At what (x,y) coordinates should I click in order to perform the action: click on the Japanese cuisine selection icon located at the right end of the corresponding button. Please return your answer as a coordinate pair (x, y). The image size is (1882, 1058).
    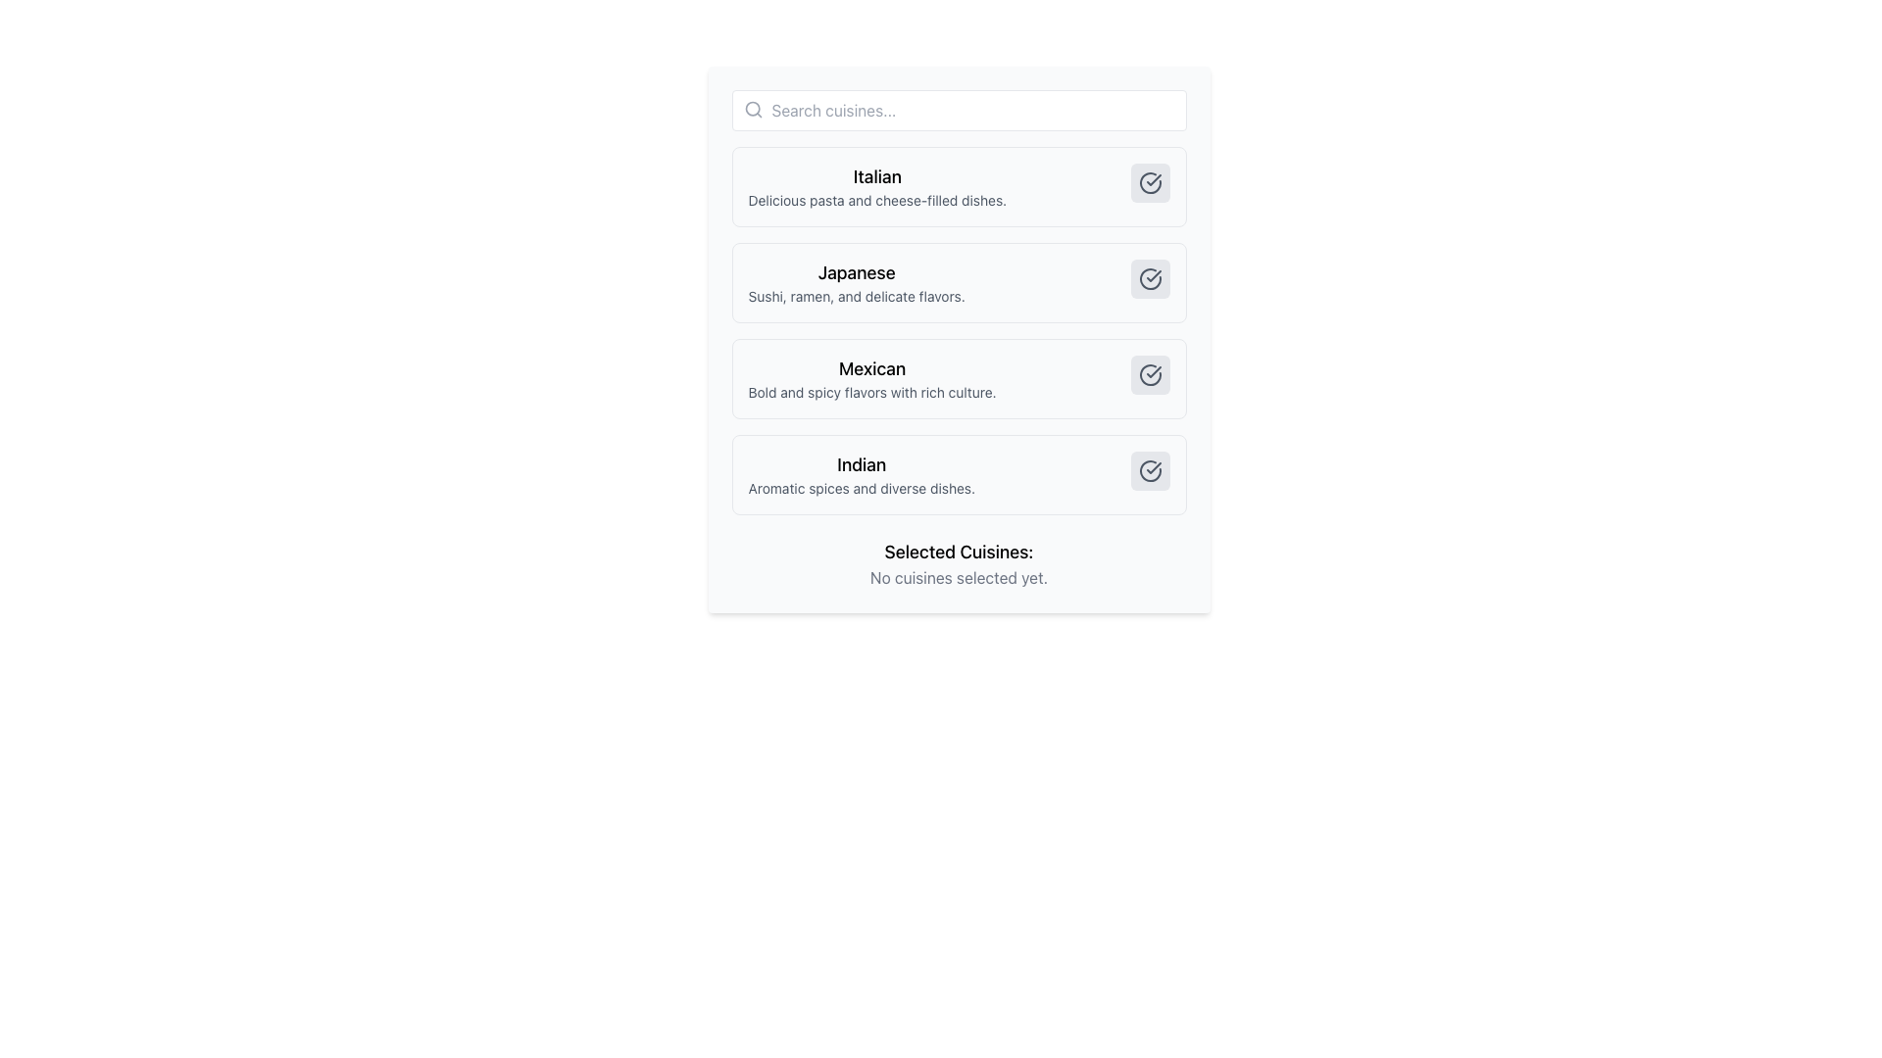
    Looking at the image, I should click on (1150, 279).